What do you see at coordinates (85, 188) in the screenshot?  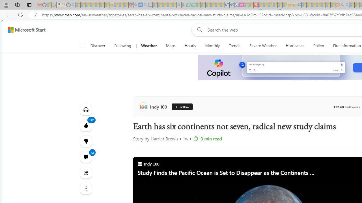 I see `'Class: at-item'` at bounding box center [85, 188].